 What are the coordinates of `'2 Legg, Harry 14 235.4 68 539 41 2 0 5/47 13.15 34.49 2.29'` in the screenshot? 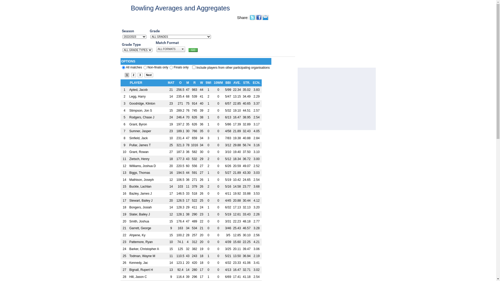 It's located at (191, 97).